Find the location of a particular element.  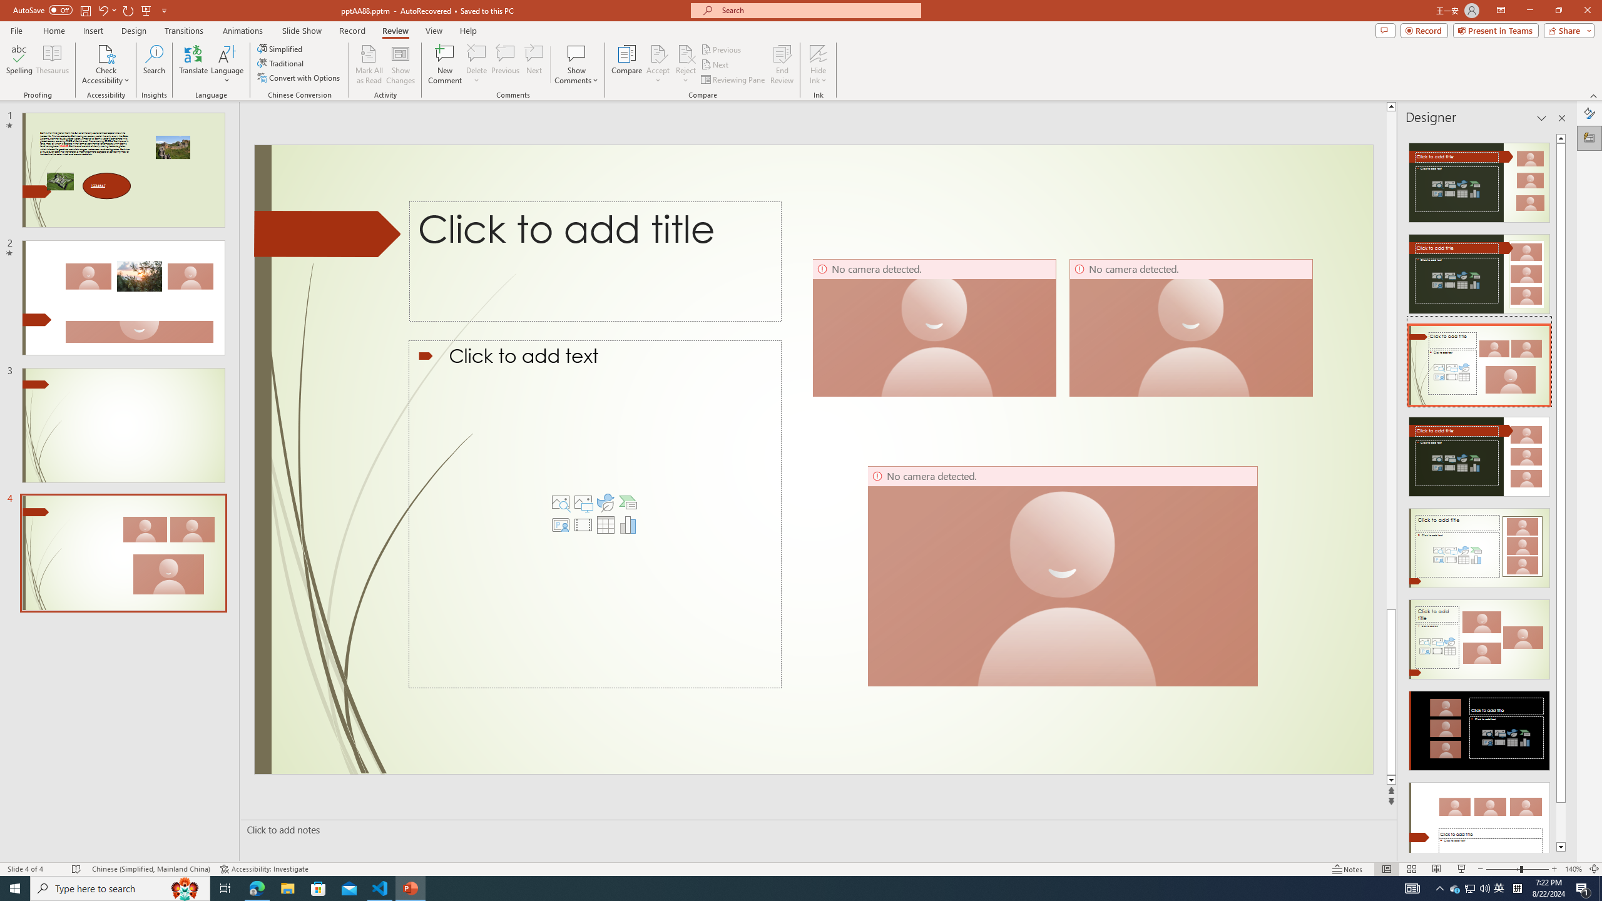

'Insert Chart' is located at coordinates (627, 524).